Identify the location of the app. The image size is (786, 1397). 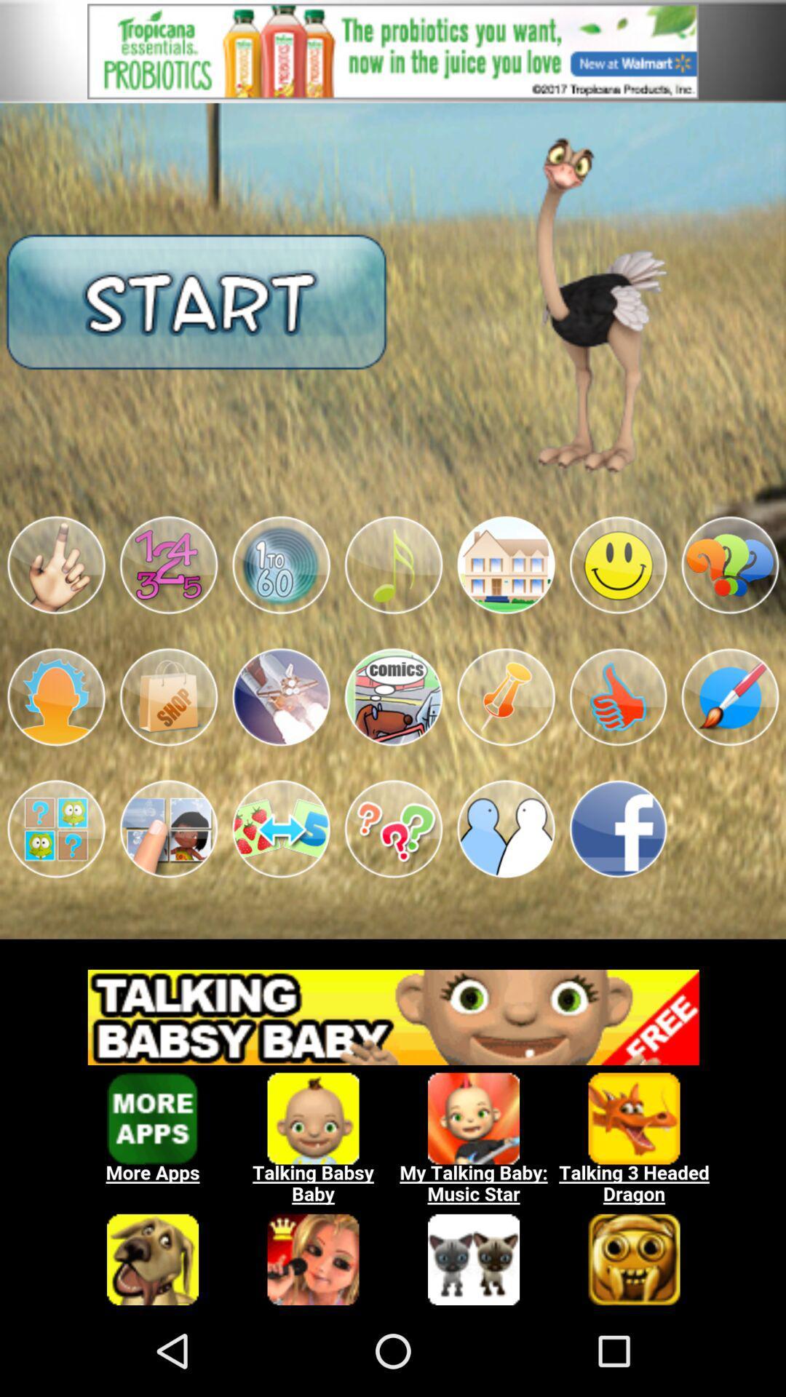
(393, 829).